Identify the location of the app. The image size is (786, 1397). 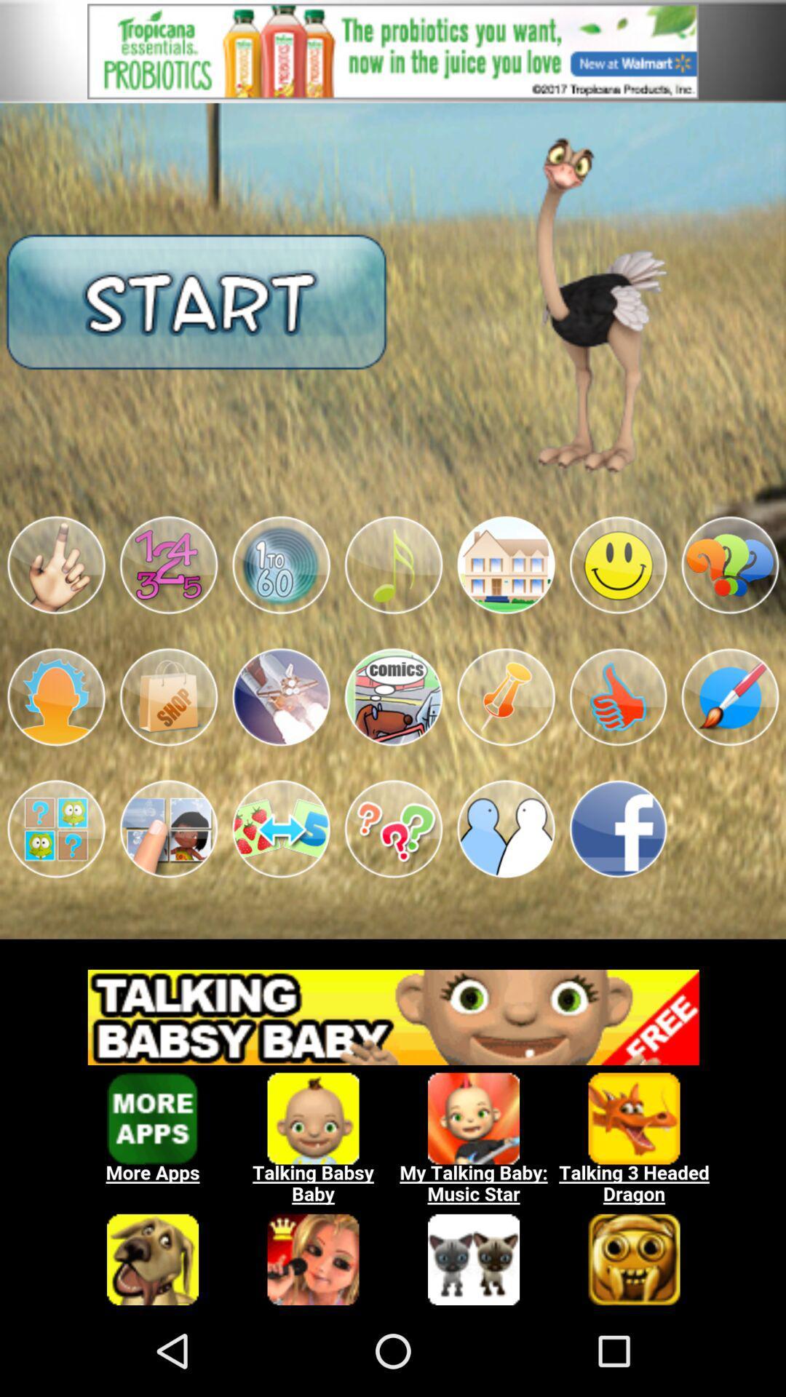
(393, 829).